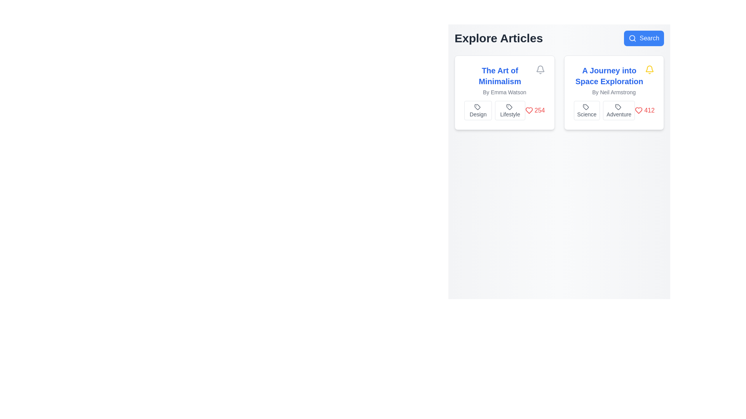 The image size is (746, 419). Describe the element at coordinates (498, 38) in the screenshot. I see `heading text element 'Explore Articles' styled in large, bold font located at the top-left of the content area` at that location.